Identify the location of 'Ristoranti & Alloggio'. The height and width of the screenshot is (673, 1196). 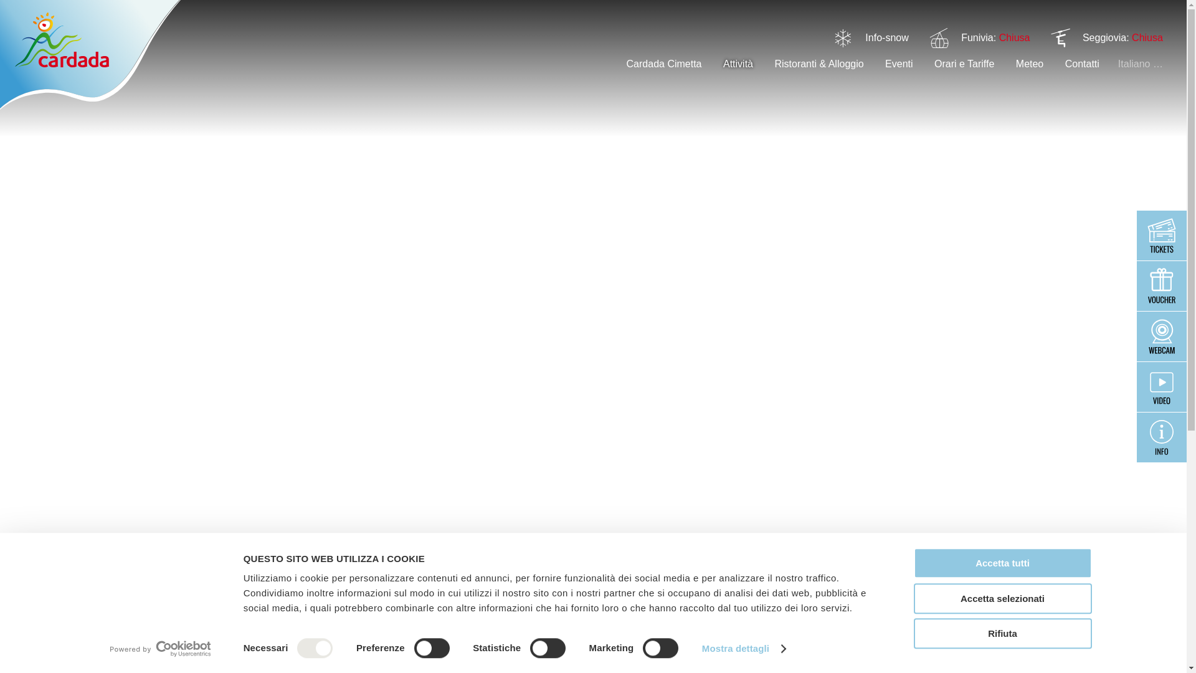
(819, 64).